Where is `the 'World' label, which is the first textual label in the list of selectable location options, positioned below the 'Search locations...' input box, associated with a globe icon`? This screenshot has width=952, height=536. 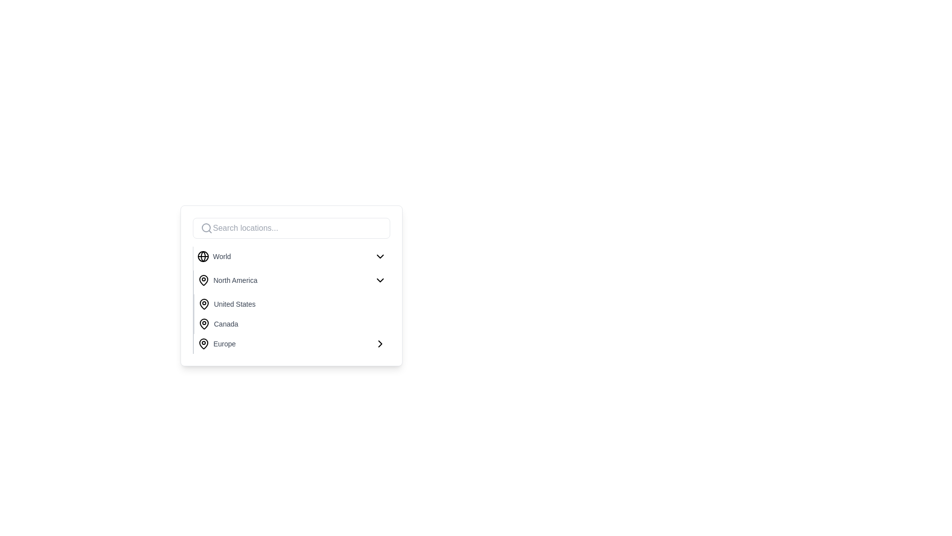 the 'World' label, which is the first textual label in the list of selectable location options, positioned below the 'Search locations...' input box, associated with a globe icon is located at coordinates (221, 256).